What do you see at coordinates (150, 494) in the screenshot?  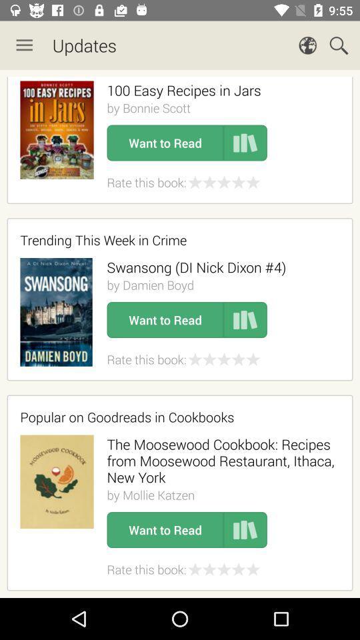 I see `the icon above the want to read` at bounding box center [150, 494].